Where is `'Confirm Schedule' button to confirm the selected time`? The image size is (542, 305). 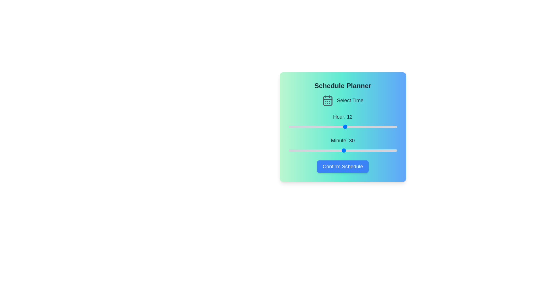
'Confirm Schedule' button to confirm the selected time is located at coordinates (342, 166).